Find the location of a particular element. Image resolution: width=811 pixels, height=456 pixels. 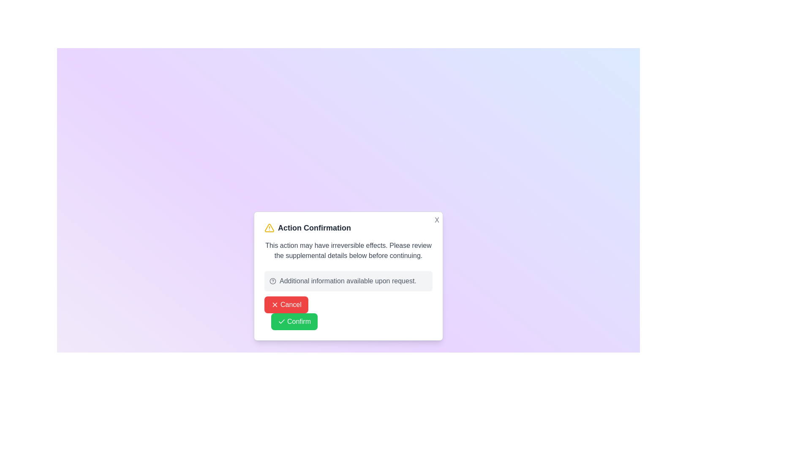

the text label displaying 'Action Confirmation' in bold, dark gray font, which is part of a warning section in the modal dialog box is located at coordinates (314, 228).